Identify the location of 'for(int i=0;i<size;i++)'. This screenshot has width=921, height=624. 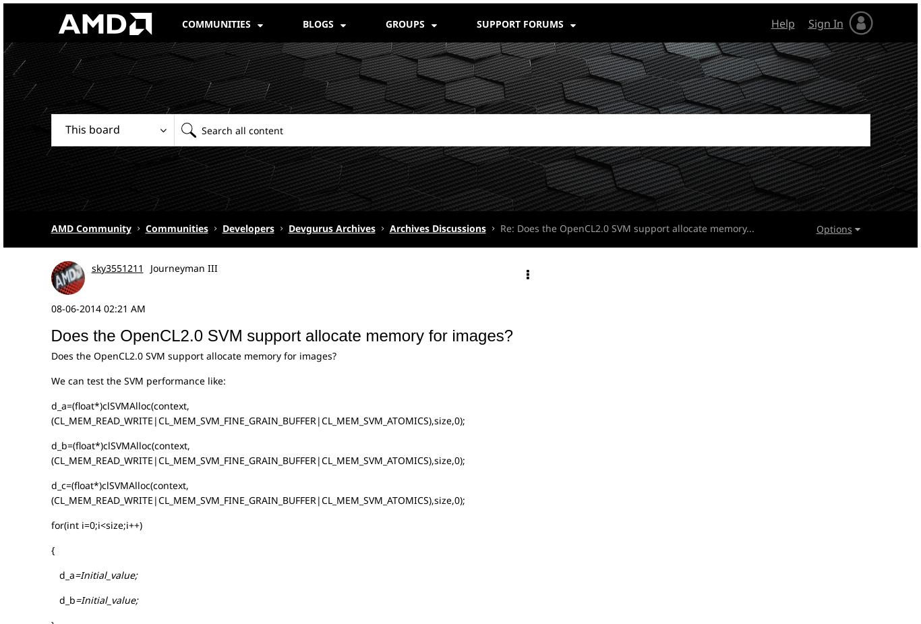
(95, 524).